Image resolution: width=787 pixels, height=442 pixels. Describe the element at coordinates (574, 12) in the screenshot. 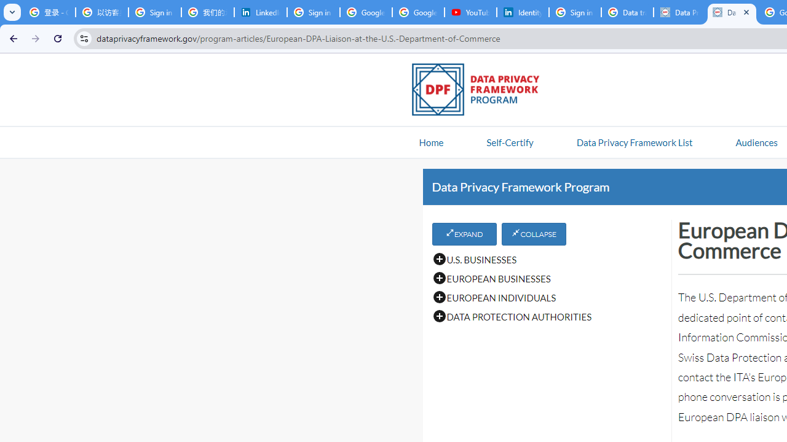

I see `'Sign in - Google Accounts'` at that location.